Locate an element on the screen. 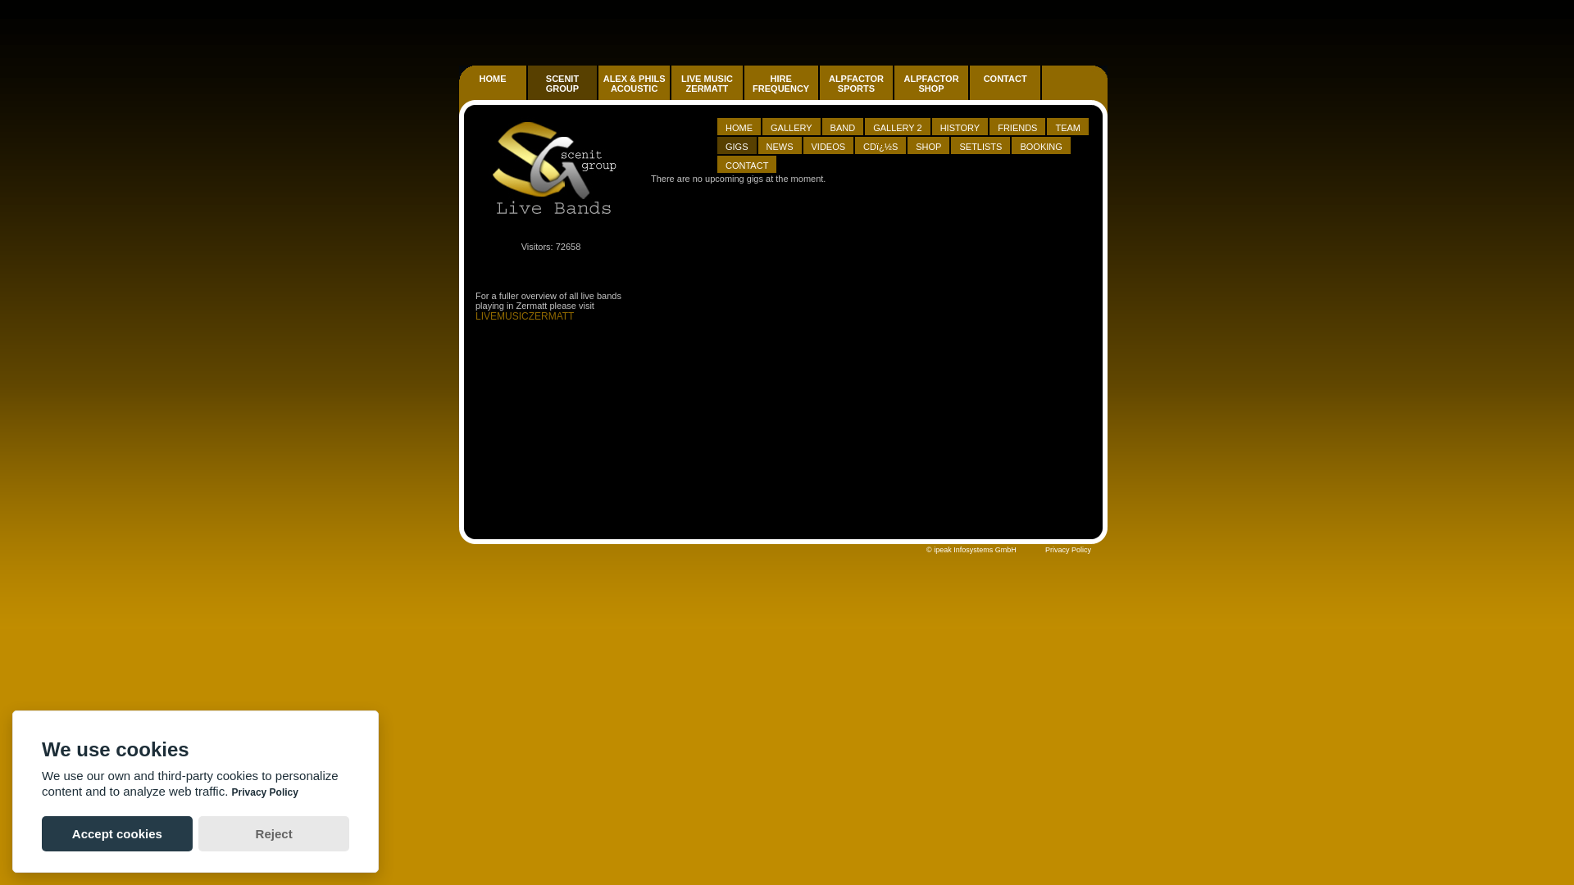  'Reject' is located at coordinates (274, 833).